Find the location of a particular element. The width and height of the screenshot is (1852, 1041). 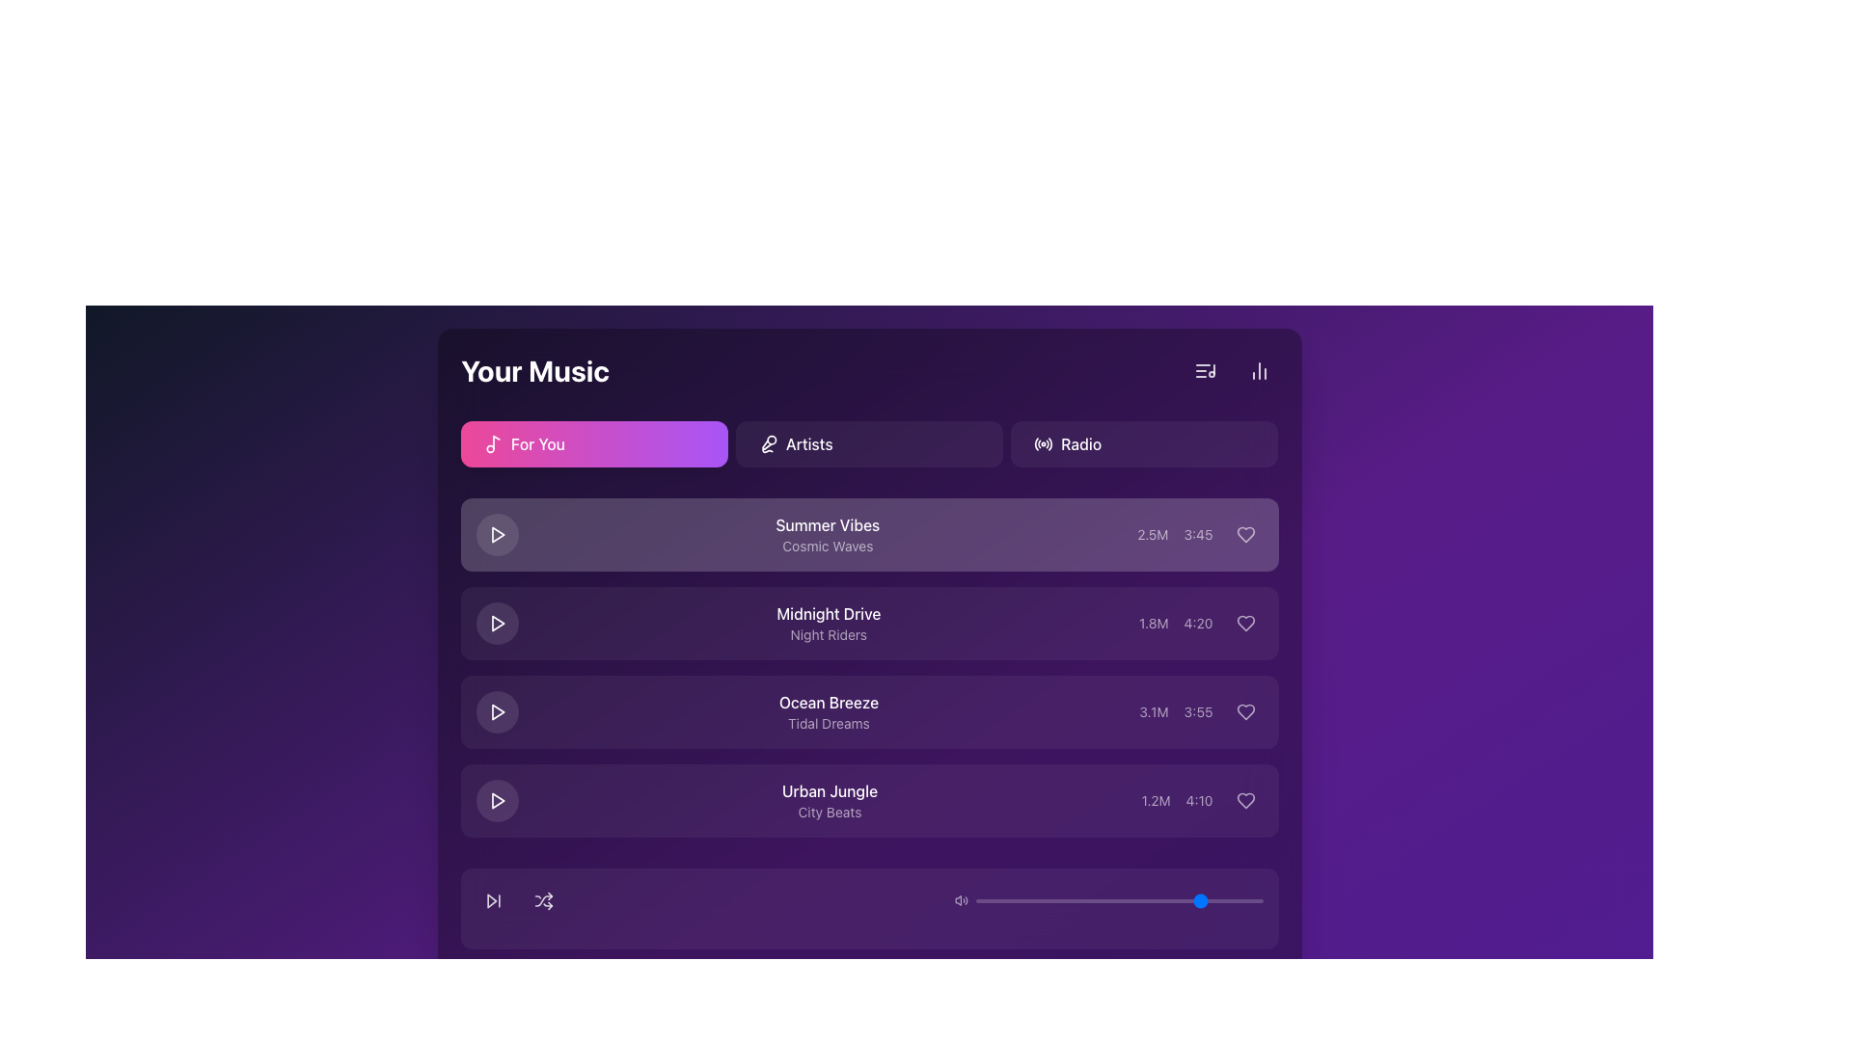

the 'Skip Forward' button located at the leftmost position in the playback control bar to receive a visual or auditory cue is located at coordinates (493, 900).